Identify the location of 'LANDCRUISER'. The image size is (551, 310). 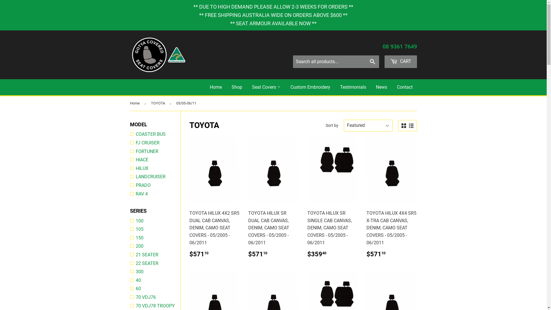
(155, 177).